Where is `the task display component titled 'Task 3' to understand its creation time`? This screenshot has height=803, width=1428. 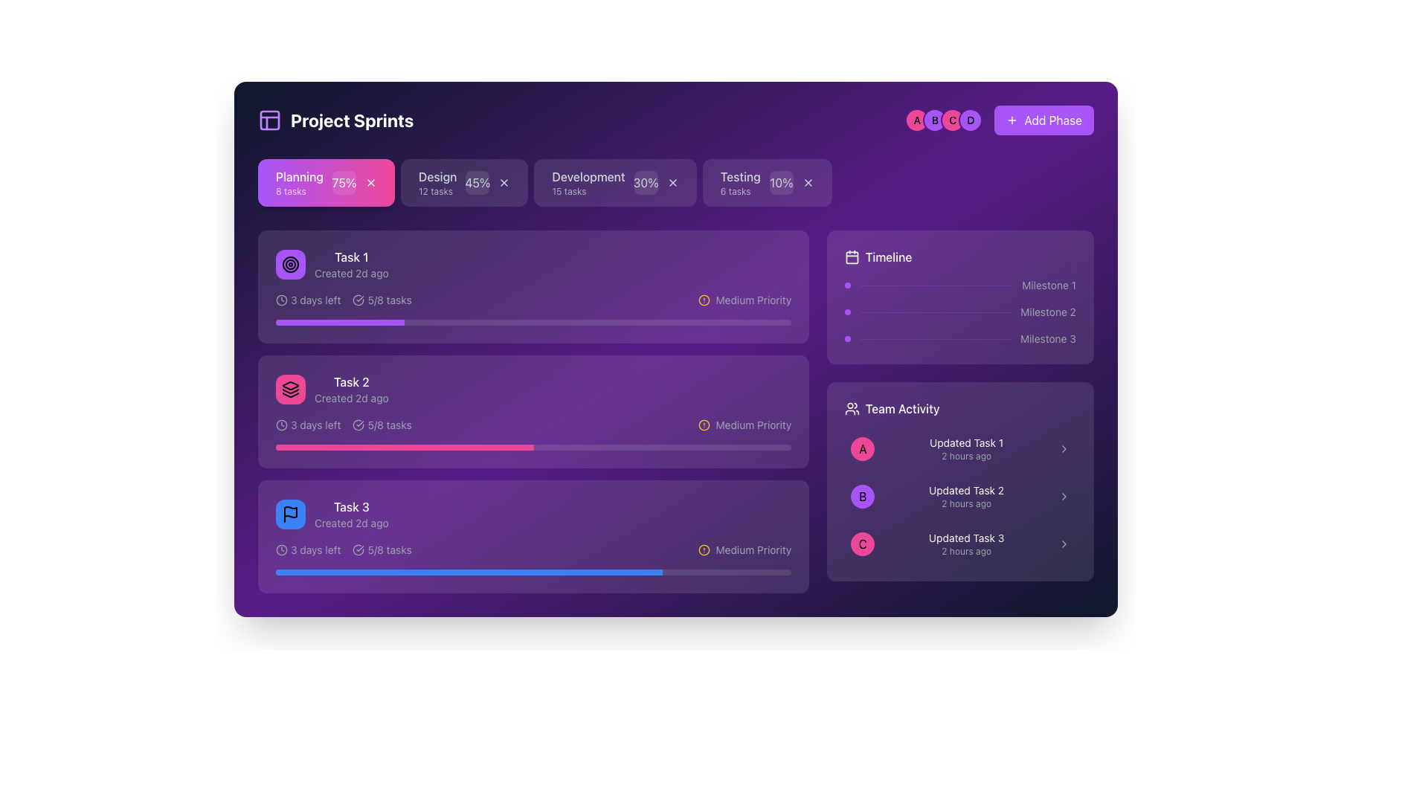 the task display component titled 'Task 3' to understand its creation time is located at coordinates (331, 513).